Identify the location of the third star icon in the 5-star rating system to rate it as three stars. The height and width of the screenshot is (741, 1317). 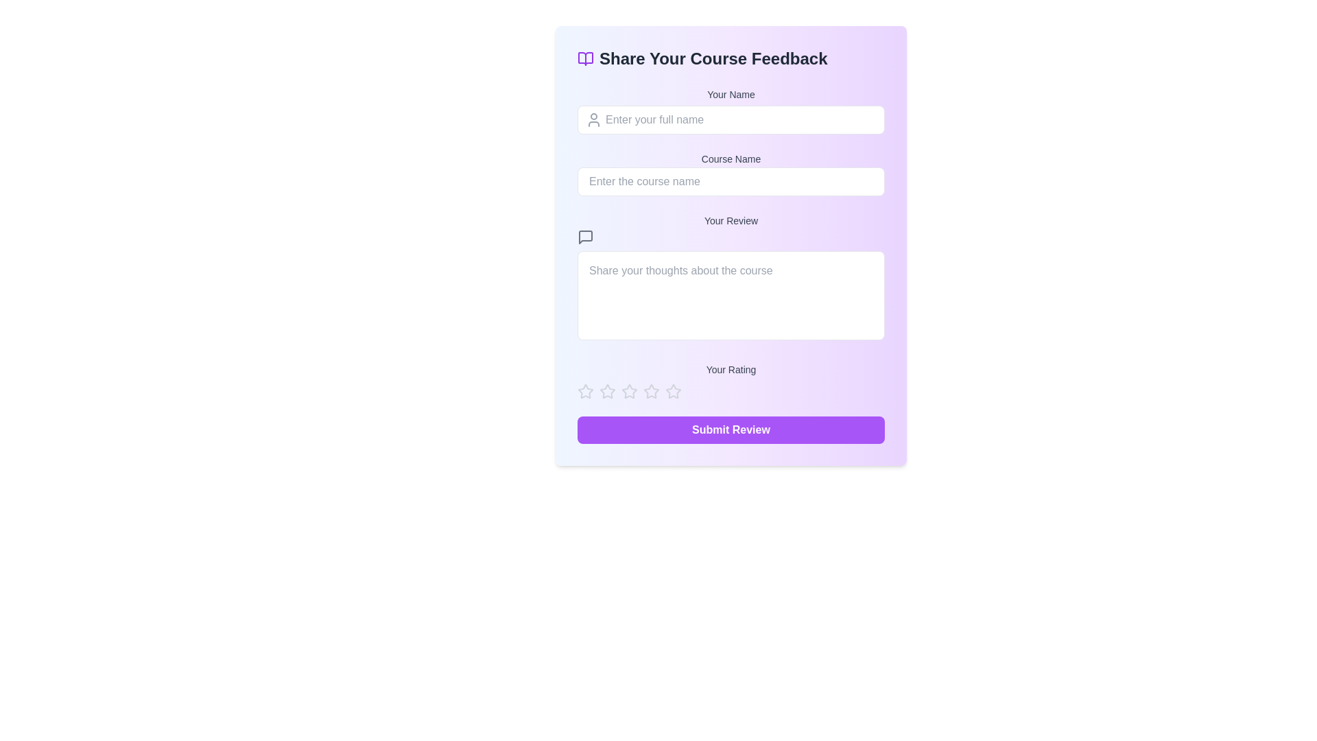
(651, 391).